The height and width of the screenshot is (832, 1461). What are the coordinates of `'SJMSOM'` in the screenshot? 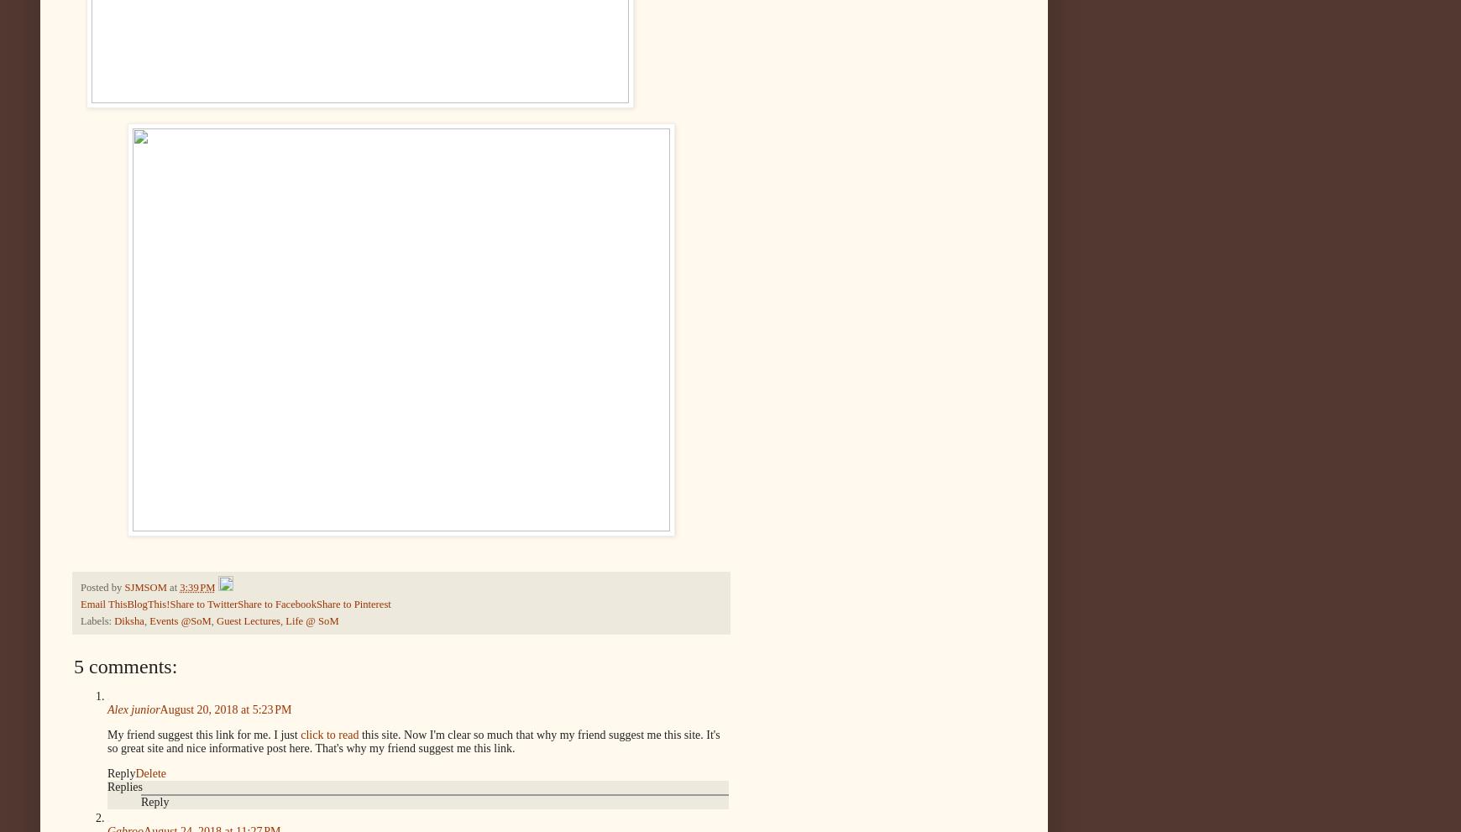 It's located at (144, 586).